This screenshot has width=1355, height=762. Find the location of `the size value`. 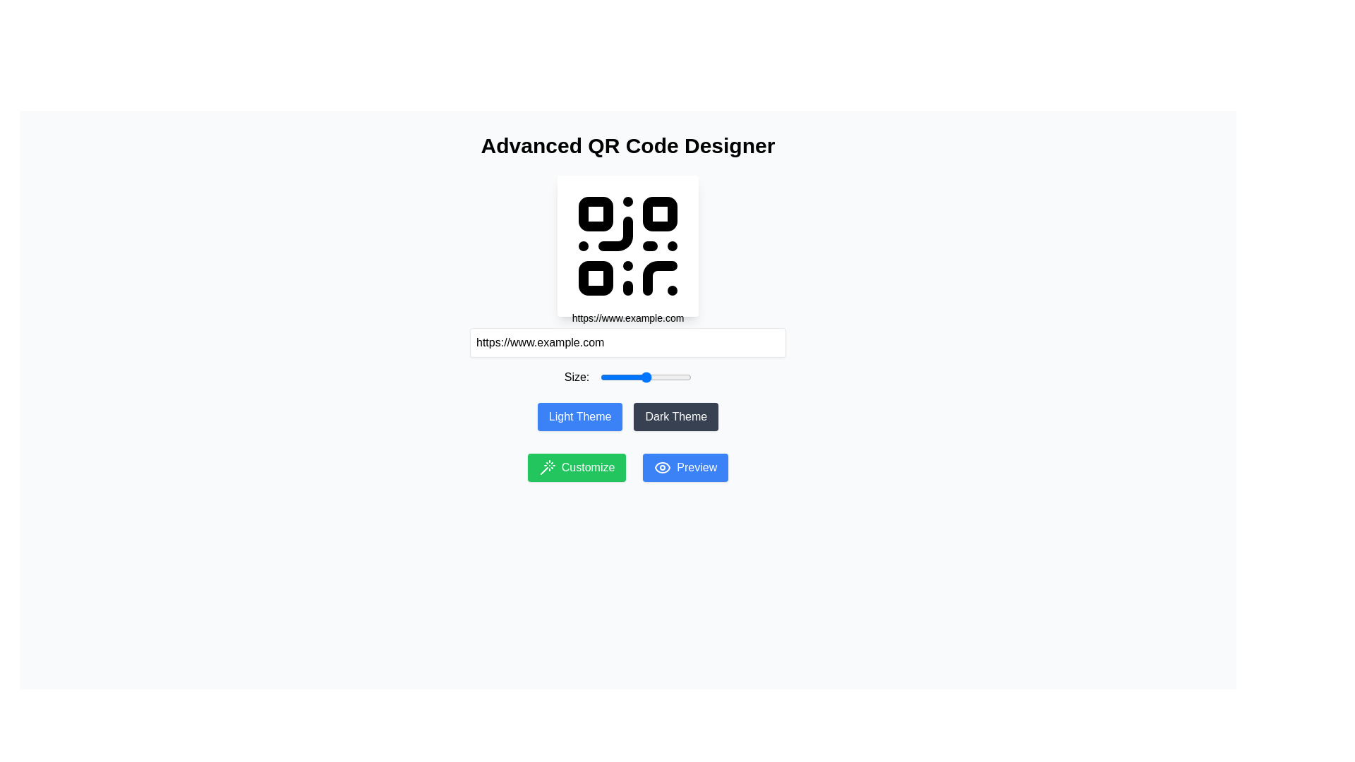

the size value is located at coordinates (670, 377).